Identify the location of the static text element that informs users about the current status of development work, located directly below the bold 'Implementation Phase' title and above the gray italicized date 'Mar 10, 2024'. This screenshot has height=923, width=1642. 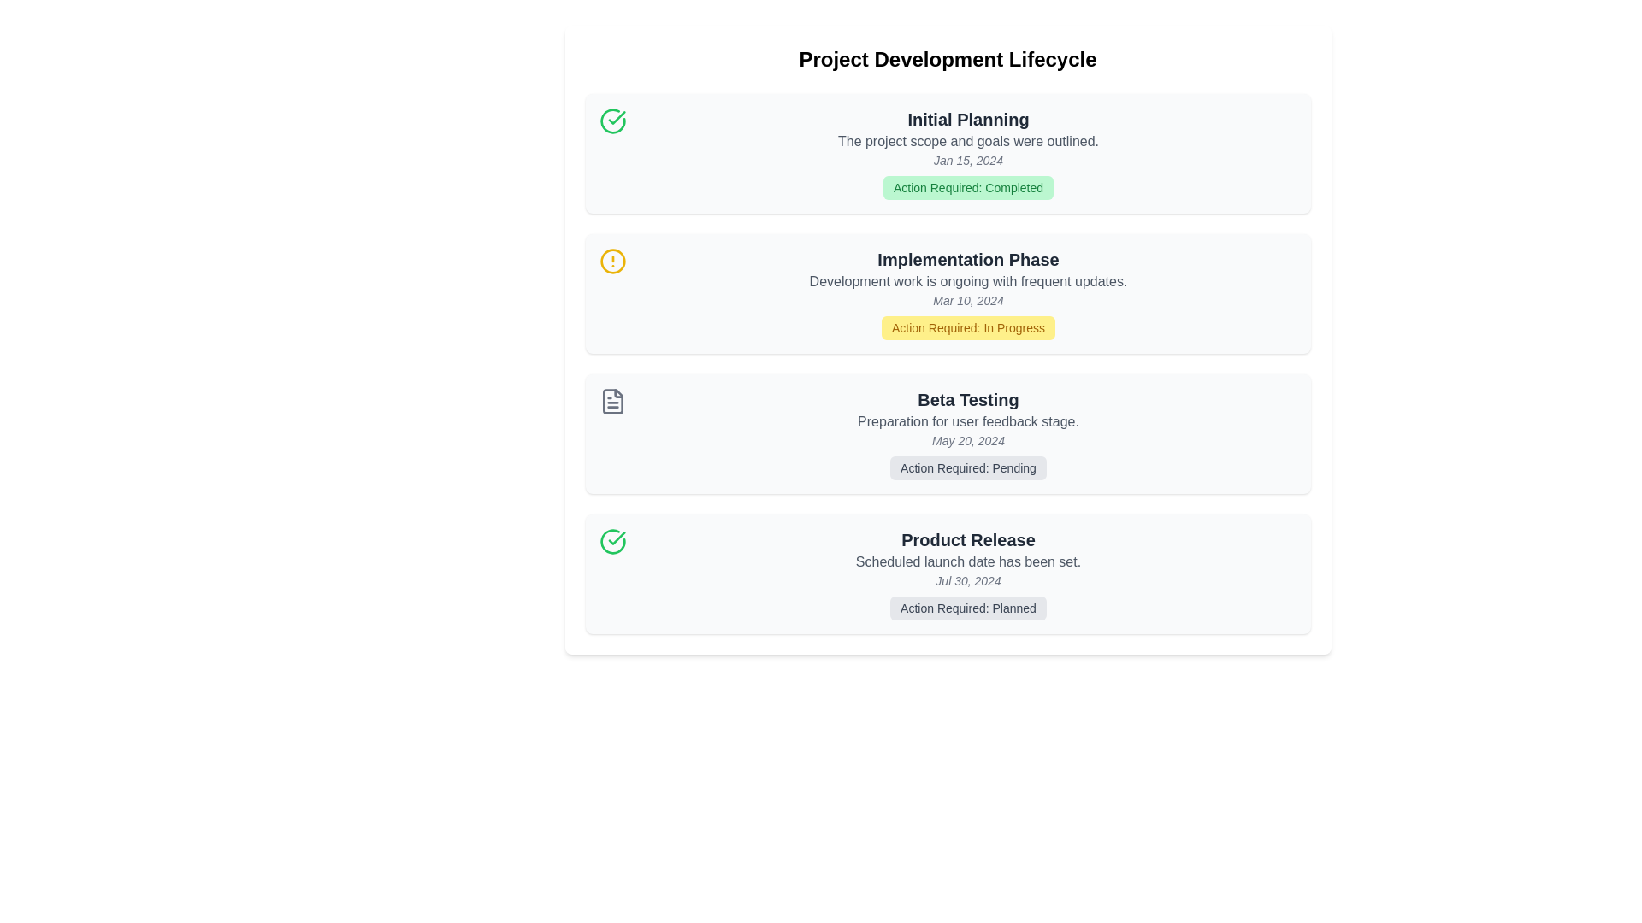
(968, 281).